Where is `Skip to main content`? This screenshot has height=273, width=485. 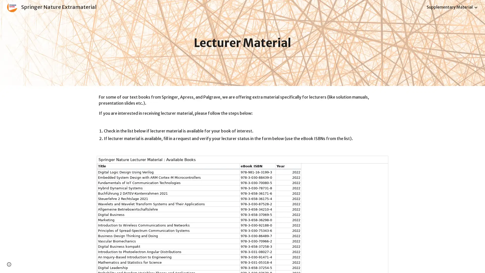 Skip to main content is located at coordinates (199, 9).